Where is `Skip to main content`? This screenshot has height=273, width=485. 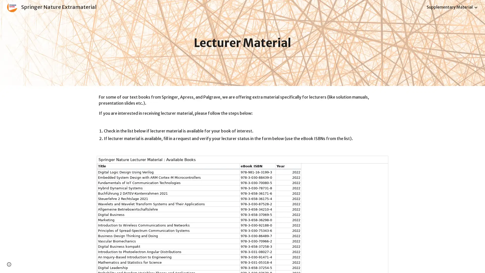 Skip to main content is located at coordinates (199, 9).